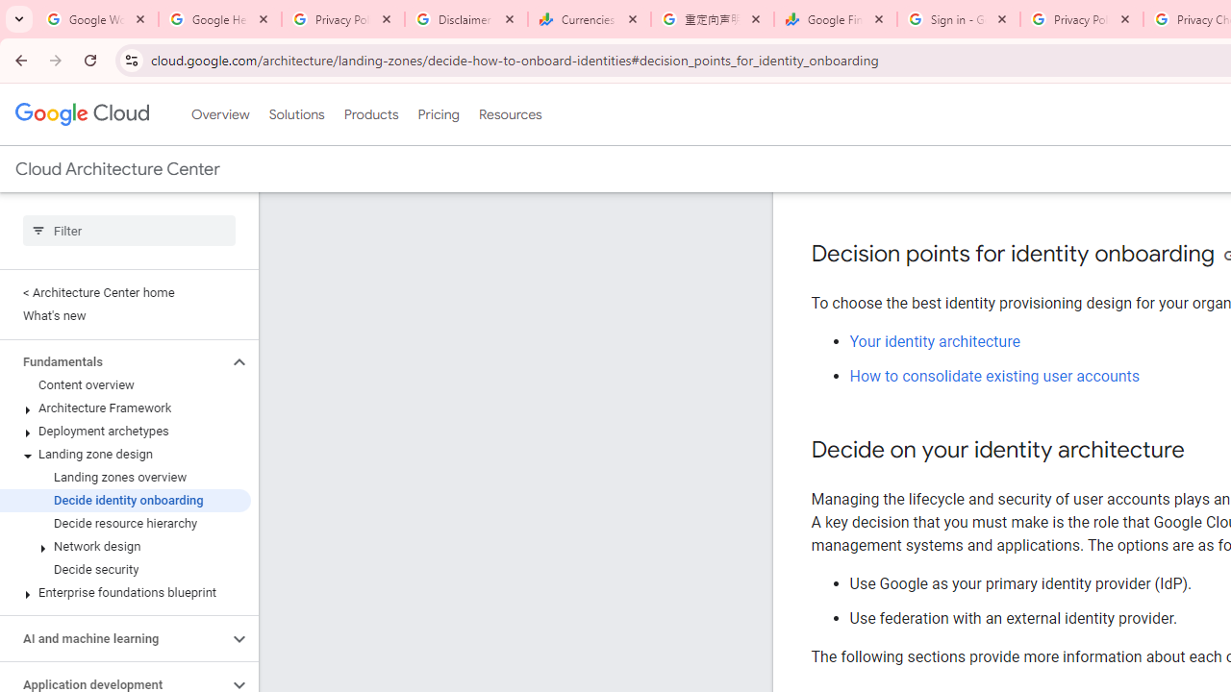 The height and width of the screenshot is (692, 1231). What do you see at coordinates (124, 499) in the screenshot?
I see `'Decide identity onboarding'` at bounding box center [124, 499].